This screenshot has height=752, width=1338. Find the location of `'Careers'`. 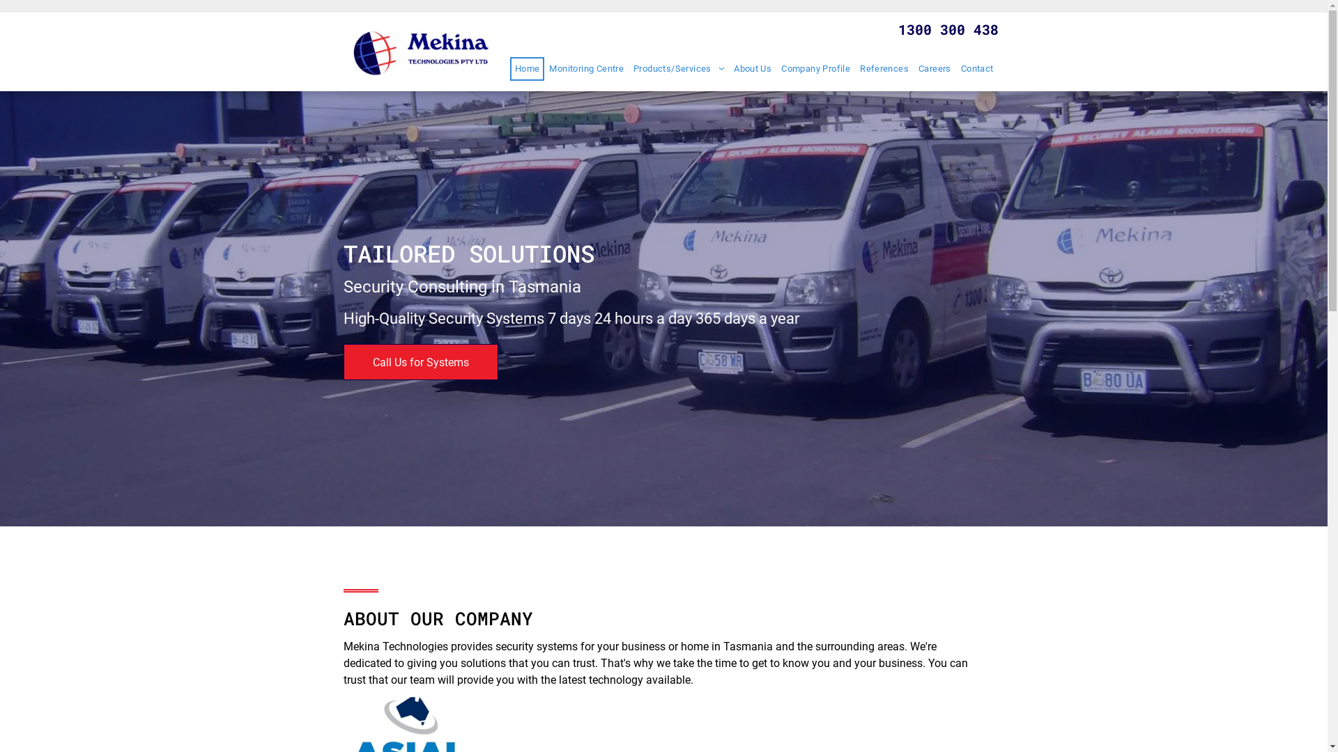

'Careers' is located at coordinates (935, 69).